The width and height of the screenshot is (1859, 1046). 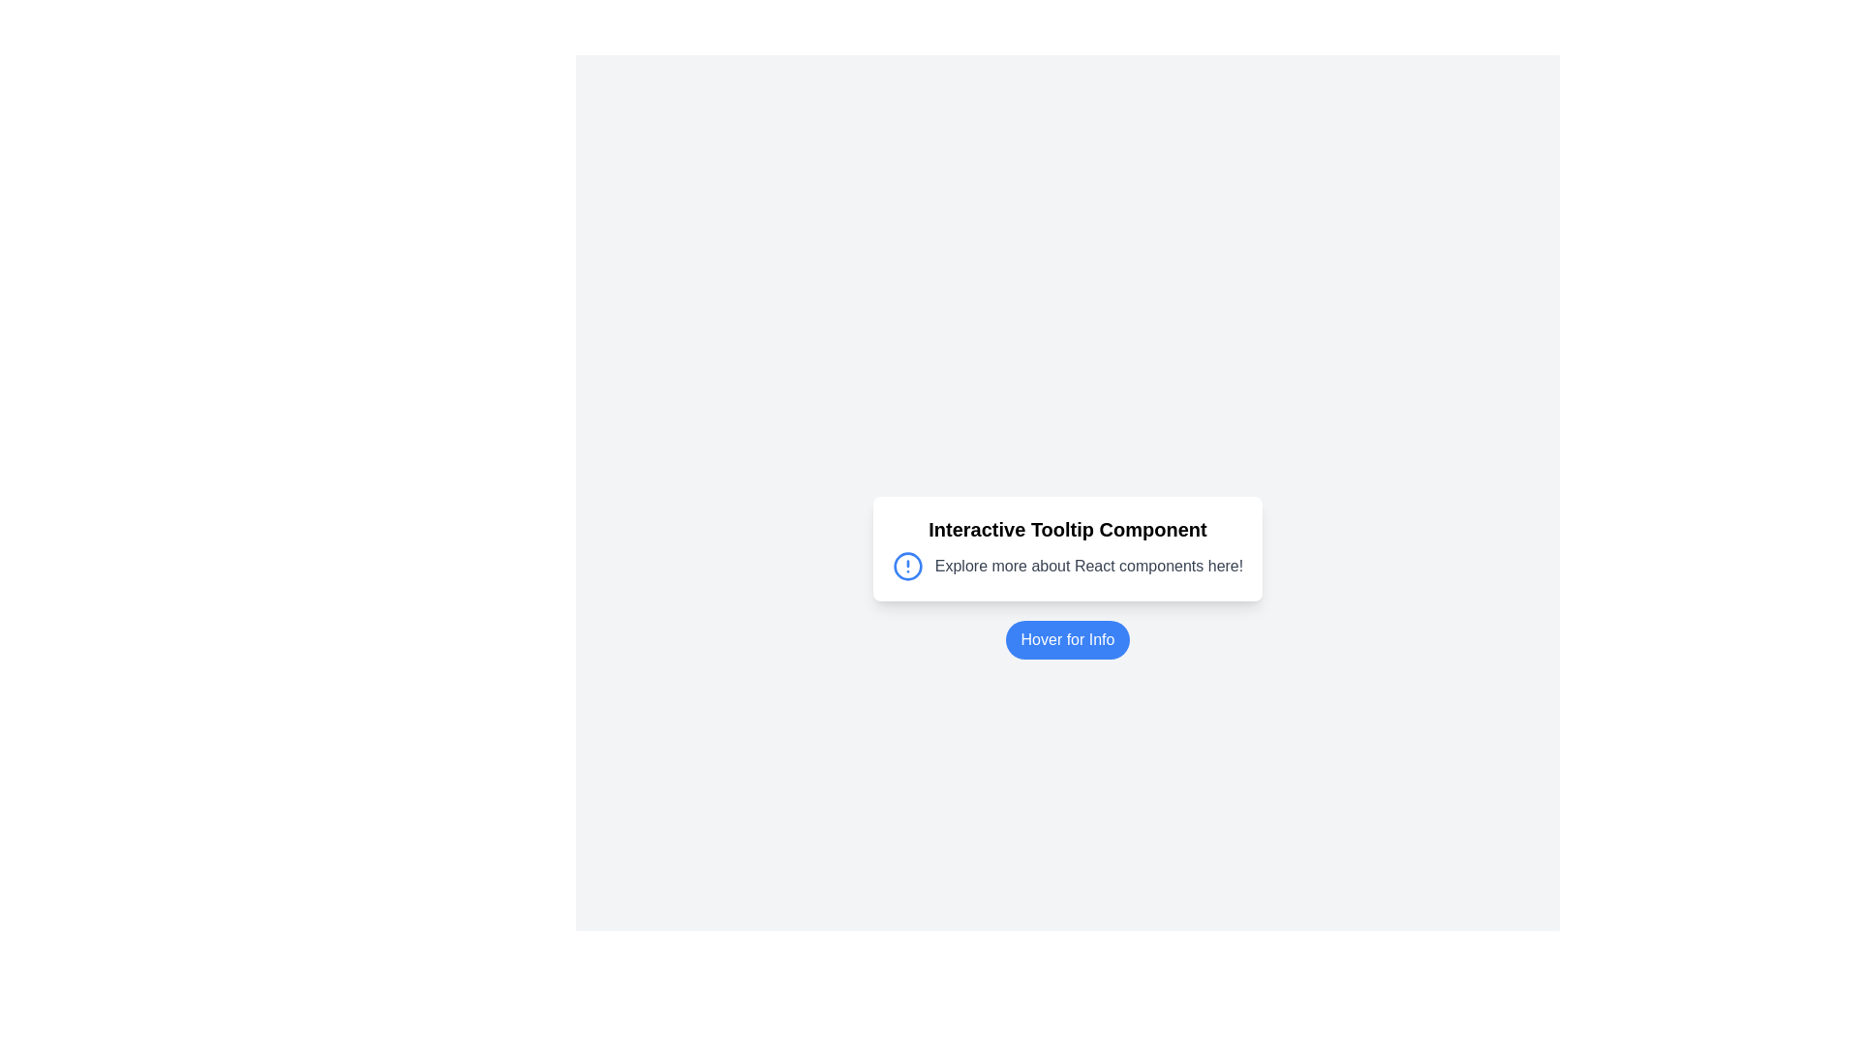 What do you see at coordinates (1106, 603) in the screenshot?
I see `the informational tooltip message that appears below the text 'Explore more about React components here!'` at bounding box center [1106, 603].